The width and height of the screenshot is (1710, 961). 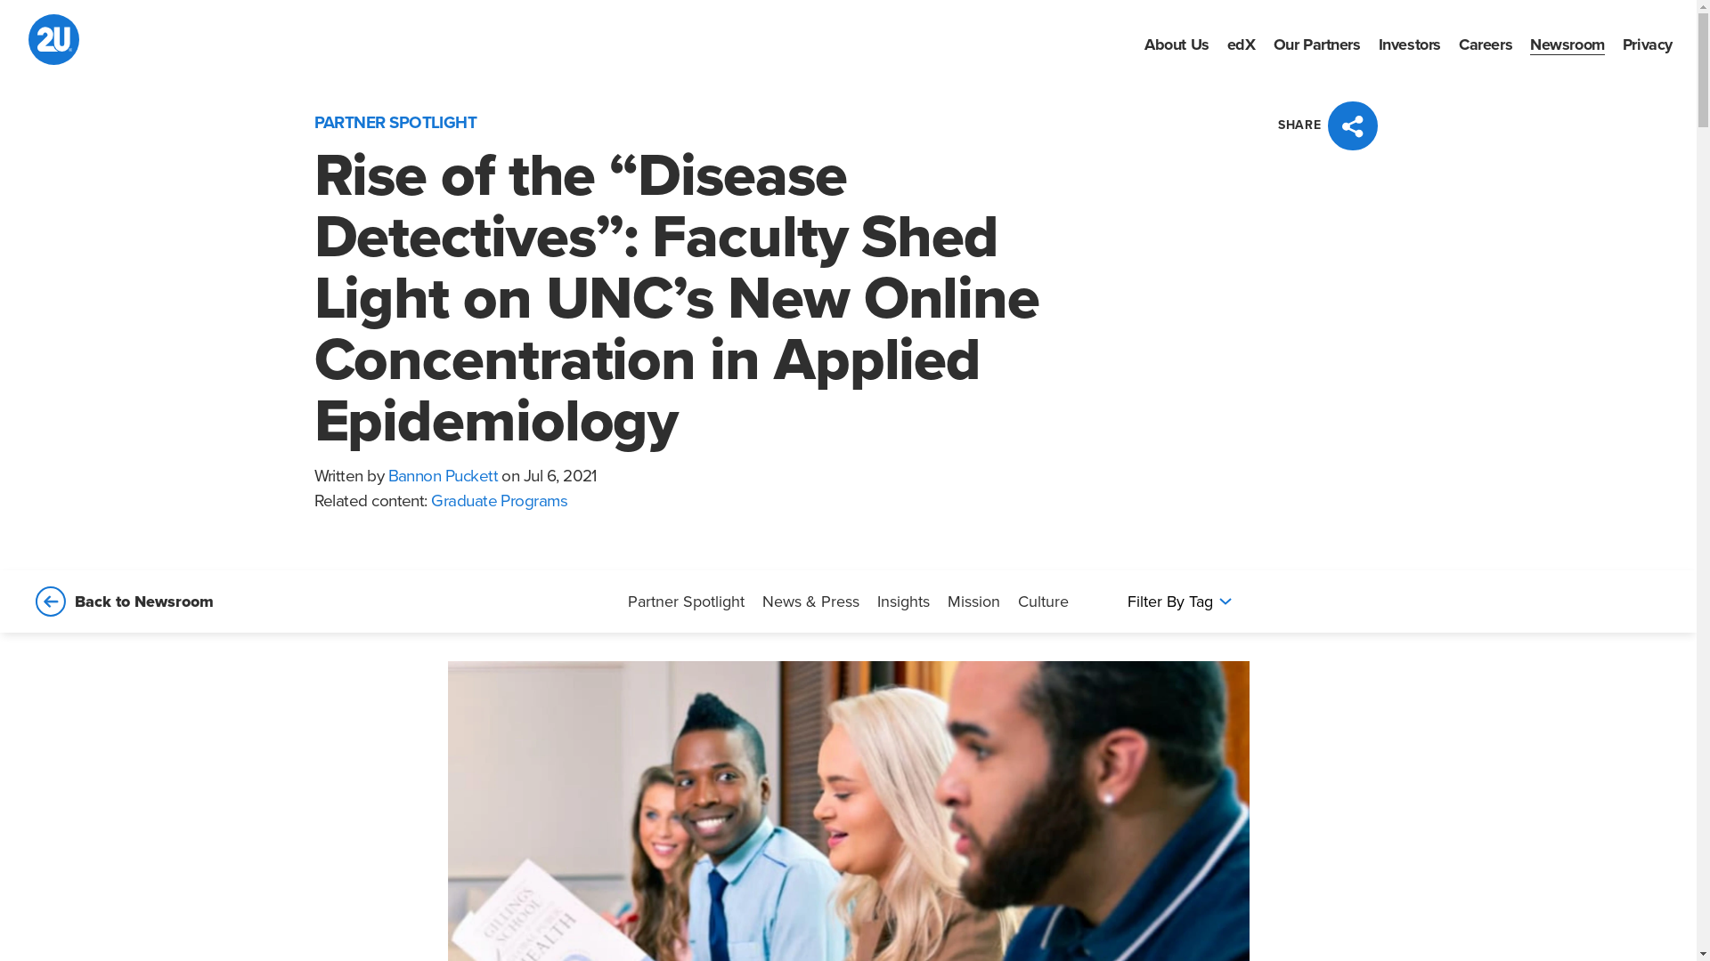 I want to click on 'Partner Spotlight', so click(x=685, y=601).